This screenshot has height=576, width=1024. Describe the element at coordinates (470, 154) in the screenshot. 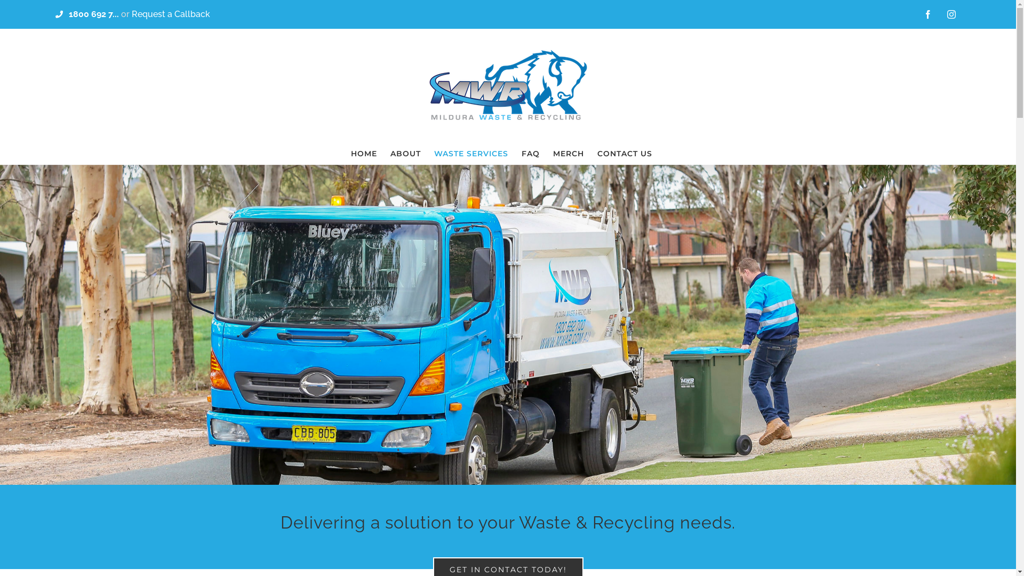

I see `'WASTE SERVICES'` at that location.